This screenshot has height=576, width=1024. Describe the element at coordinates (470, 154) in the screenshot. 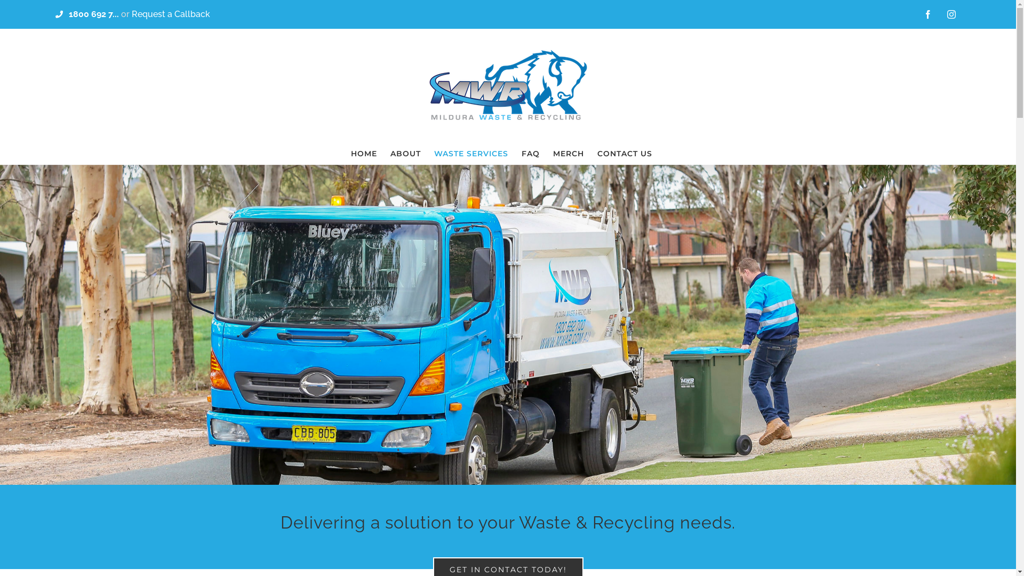

I see `'WASTE SERVICES'` at that location.